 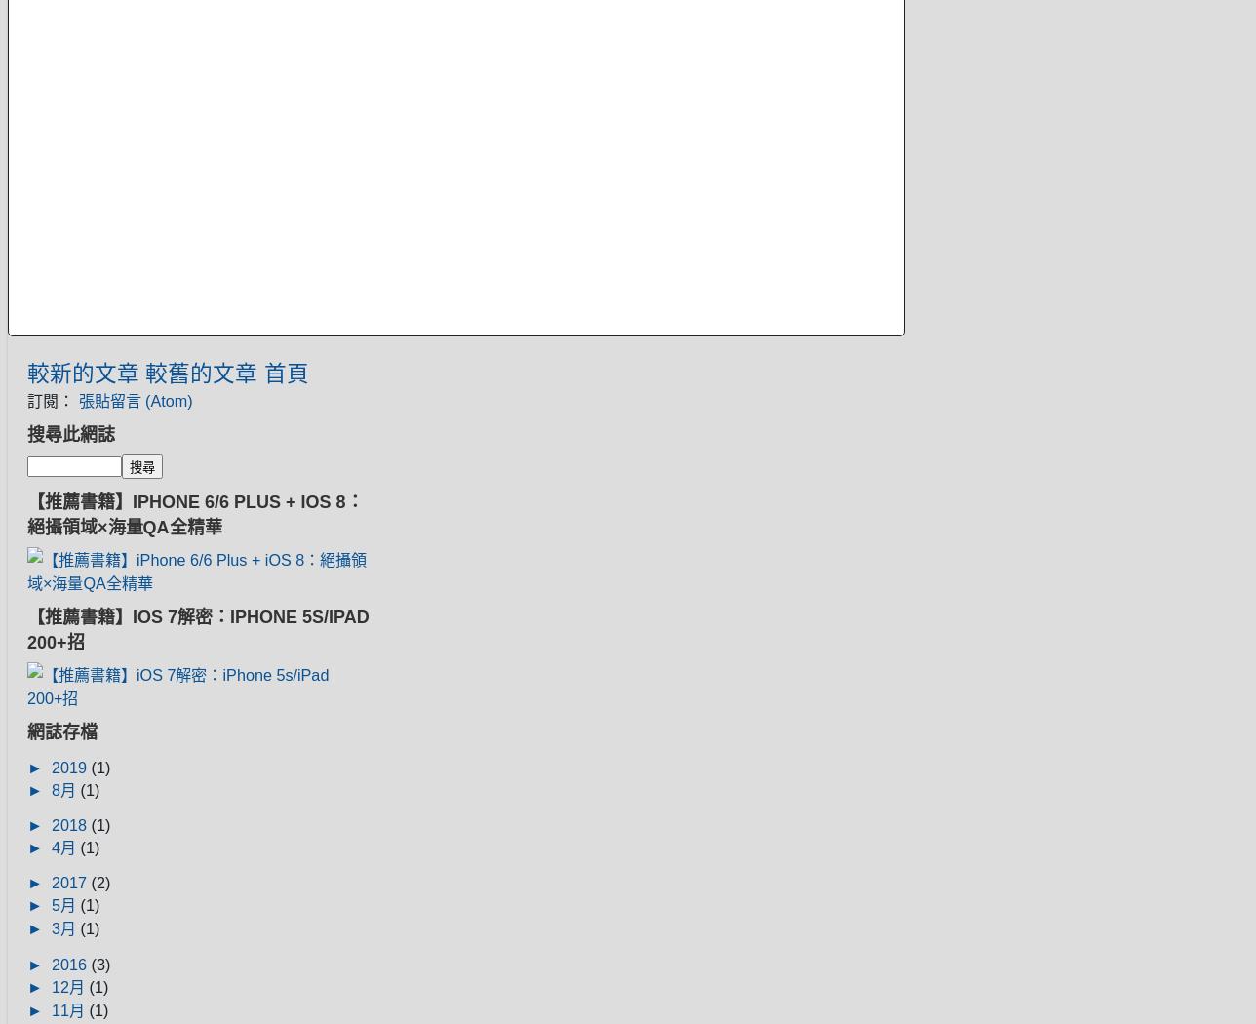 What do you see at coordinates (71, 882) in the screenshot?
I see `'2017'` at bounding box center [71, 882].